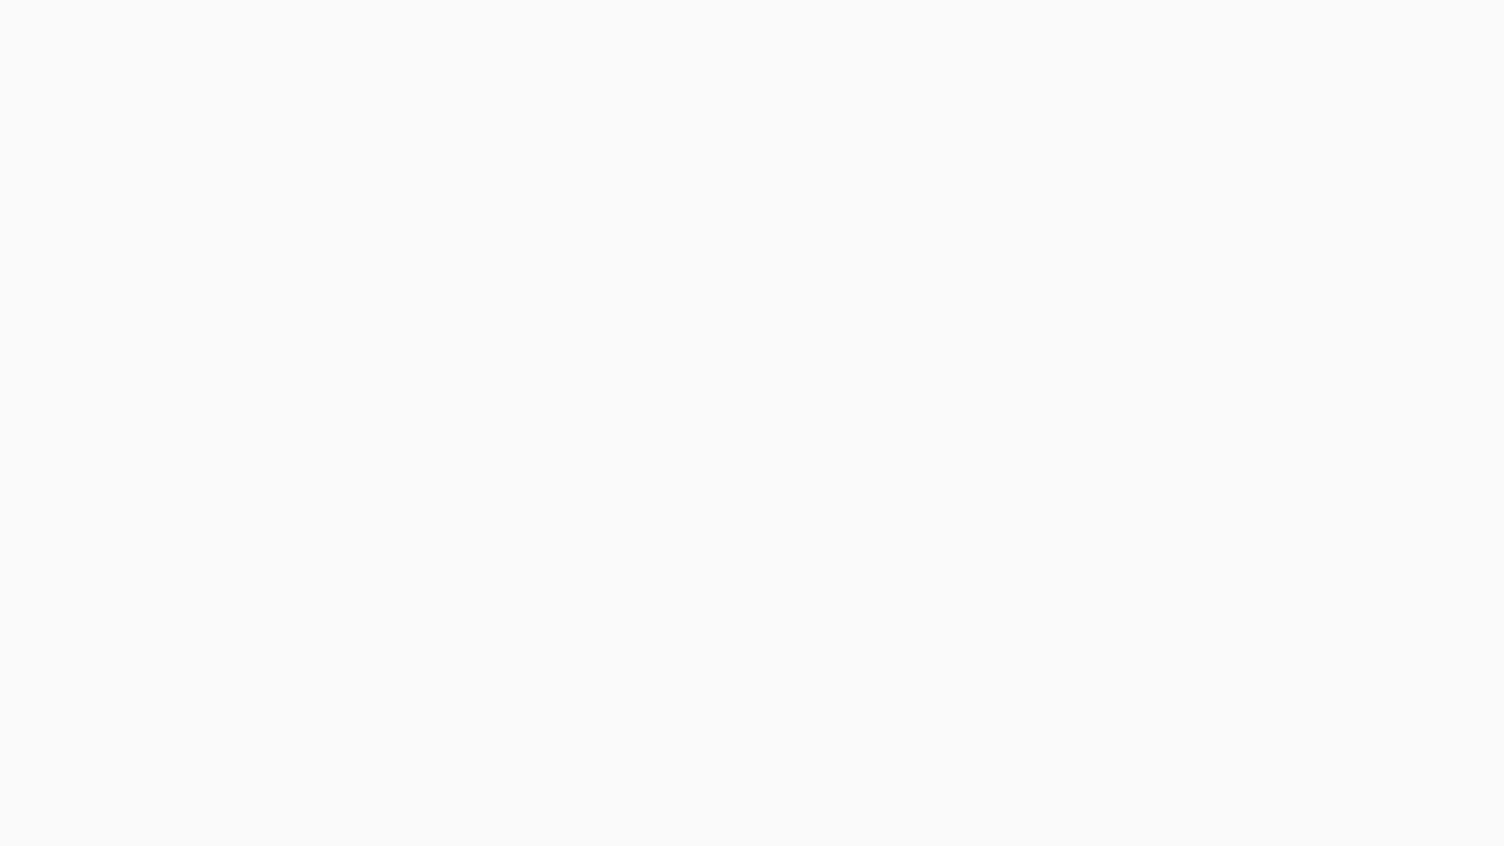 Image resolution: width=1504 pixels, height=846 pixels. I want to click on Manage Your Account, so click(141, 107).